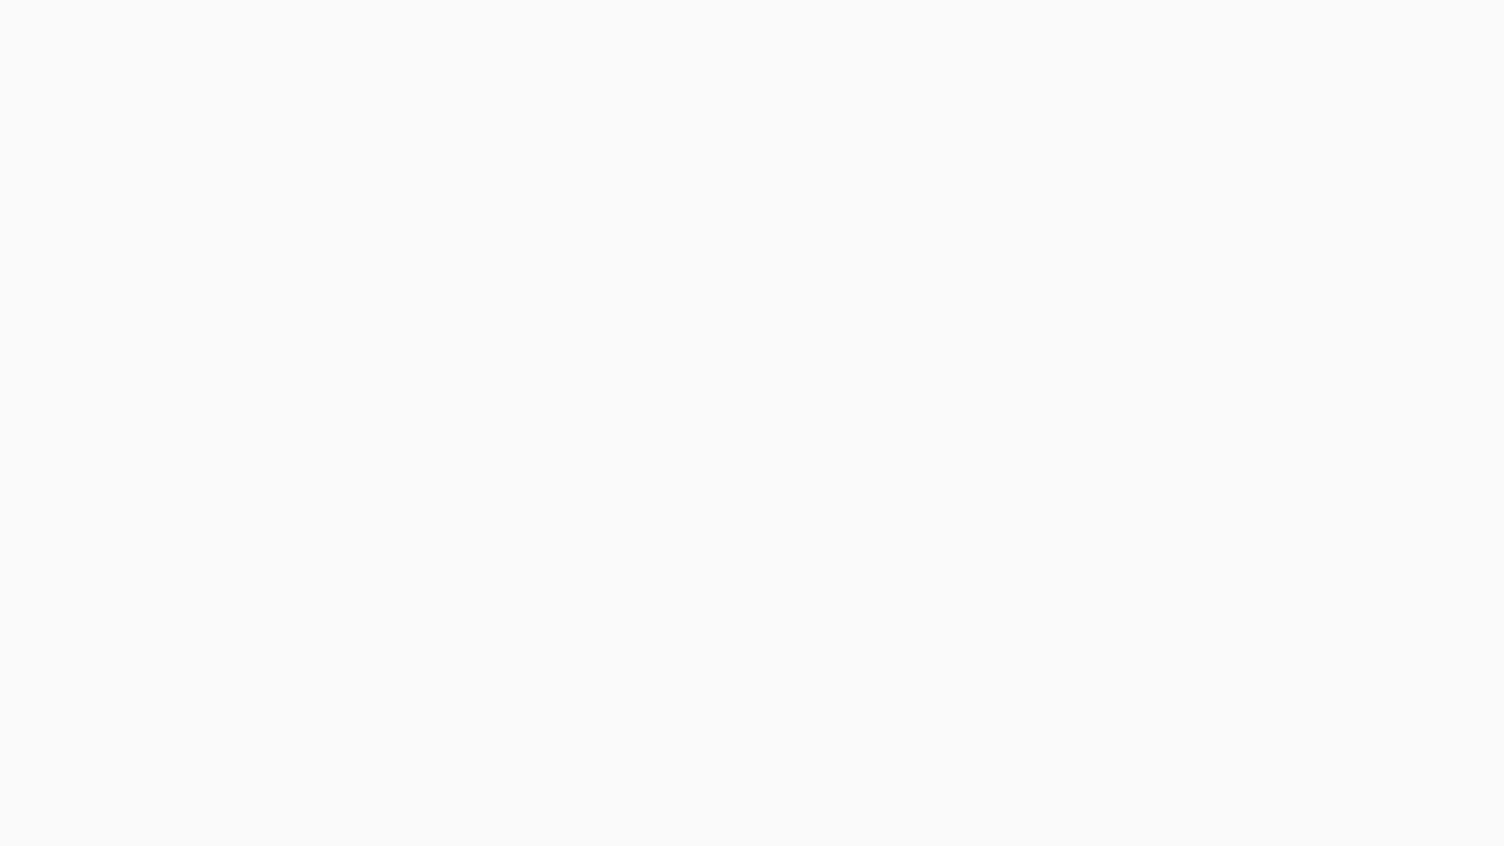 Image resolution: width=1504 pixels, height=846 pixels. I want to click on Manage Your Account, so click(141, 107).